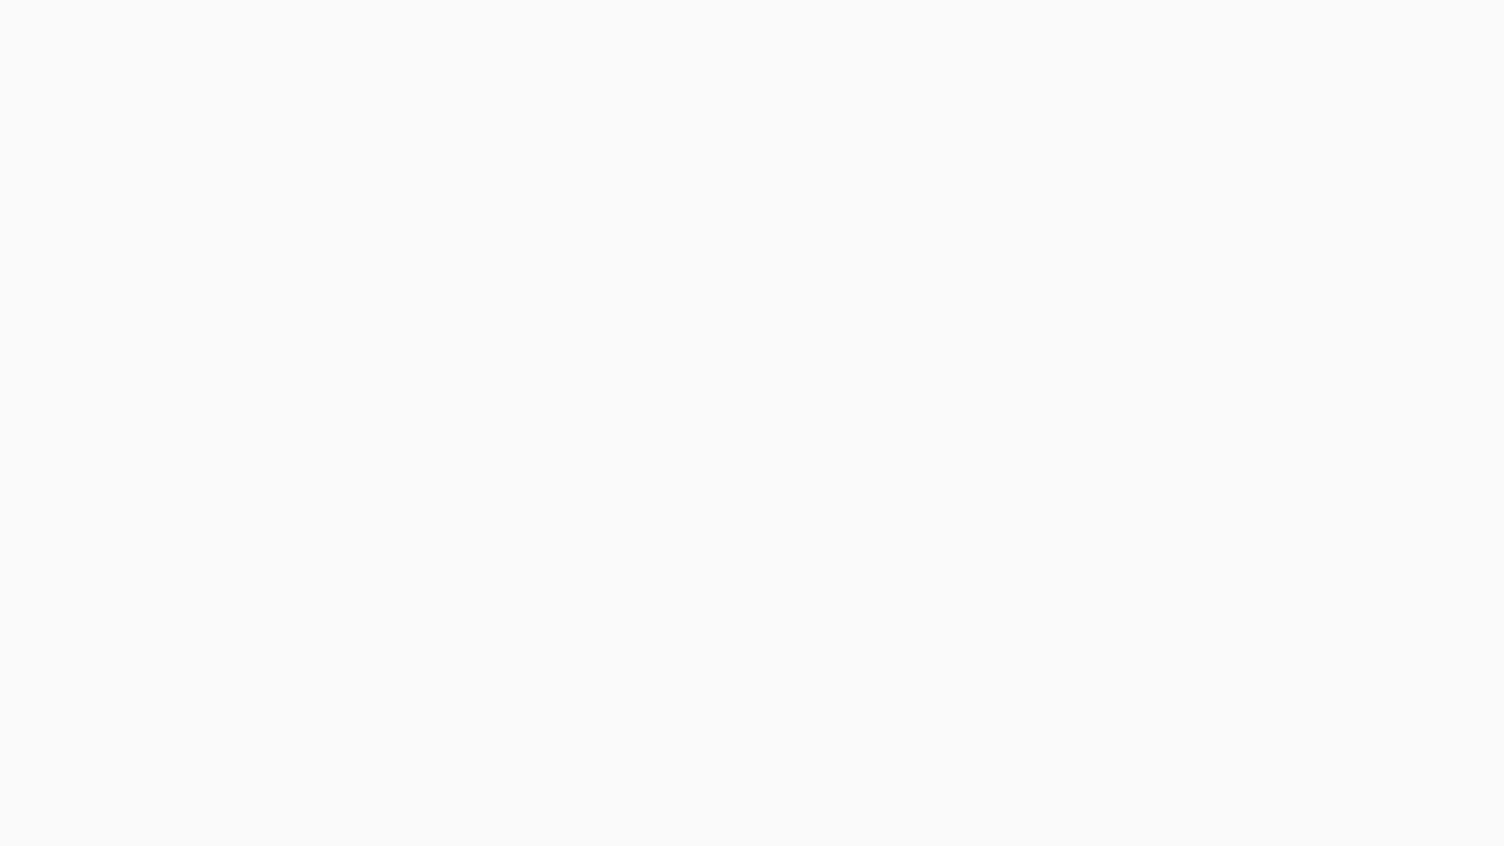 Image resolution: width=1504 pixels, height=846 pixels. I want to click on Manage Your Account, so click(141, 107).